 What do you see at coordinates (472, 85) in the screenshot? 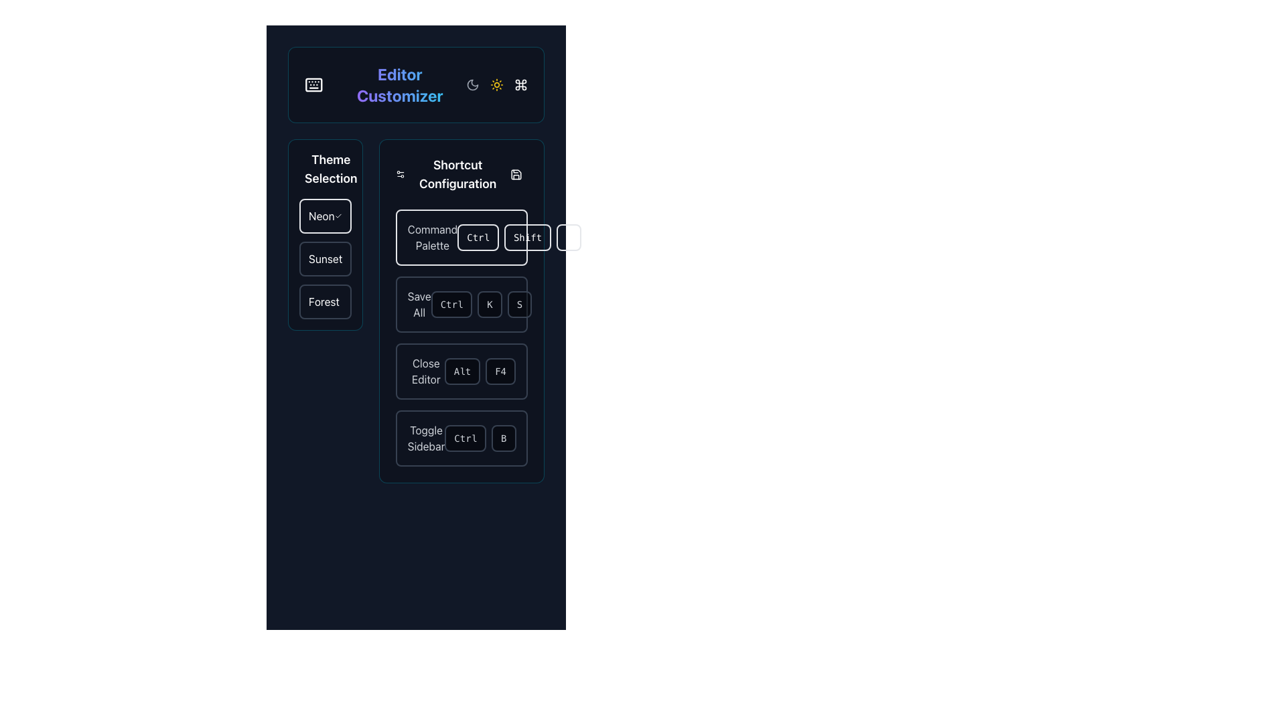
I see `the crescent moon icon colored in gray, which serves as a dark mode toggle, located in the top-right corner of the 'Editor Customizer' section adjacent to the label 'Editor Customizer'` at bounding box center [472, 85].